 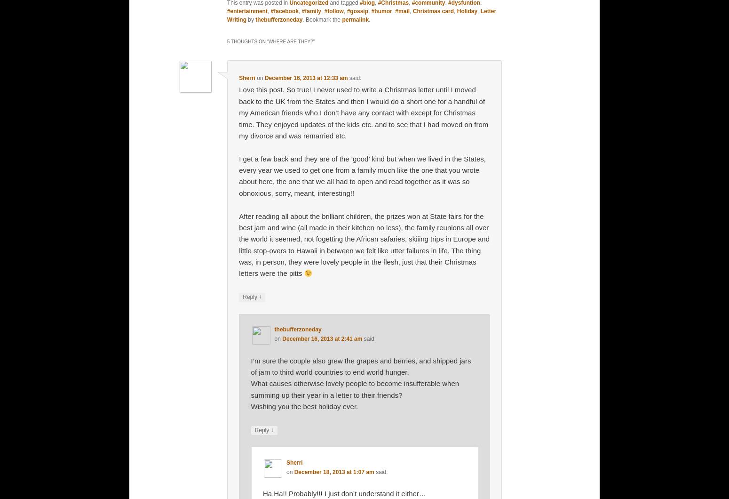 I want to click on '#humor', so click(x=380, y=11).